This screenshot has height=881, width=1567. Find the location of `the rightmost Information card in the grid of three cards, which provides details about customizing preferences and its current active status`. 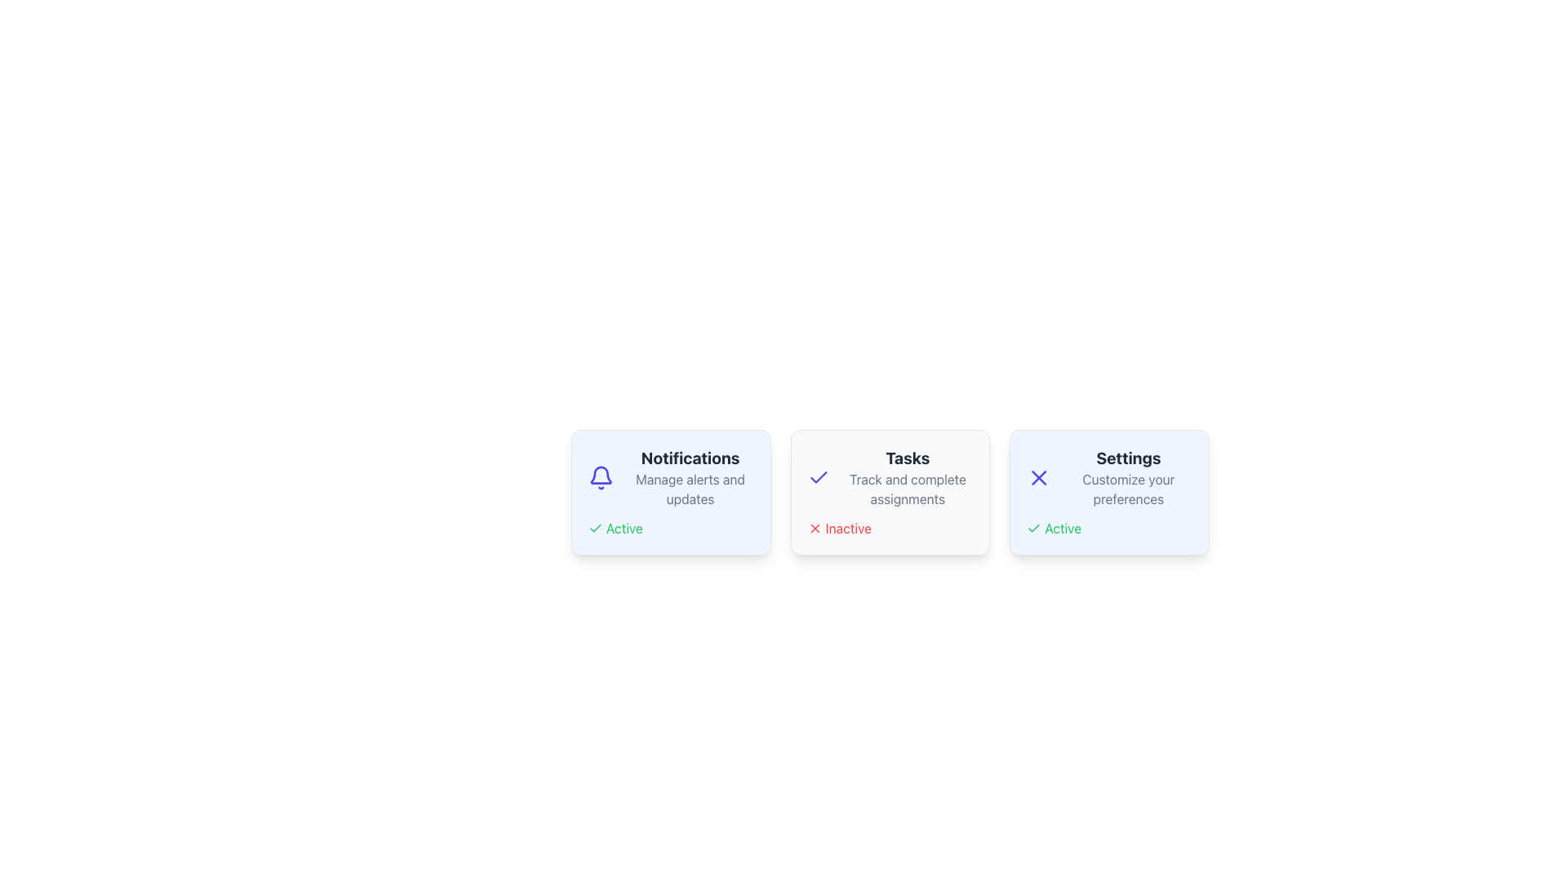

the rightmost Information card in the grid of three cards, which provides details about customizing preferences and its current active status is located at coordinates (1108, 492).